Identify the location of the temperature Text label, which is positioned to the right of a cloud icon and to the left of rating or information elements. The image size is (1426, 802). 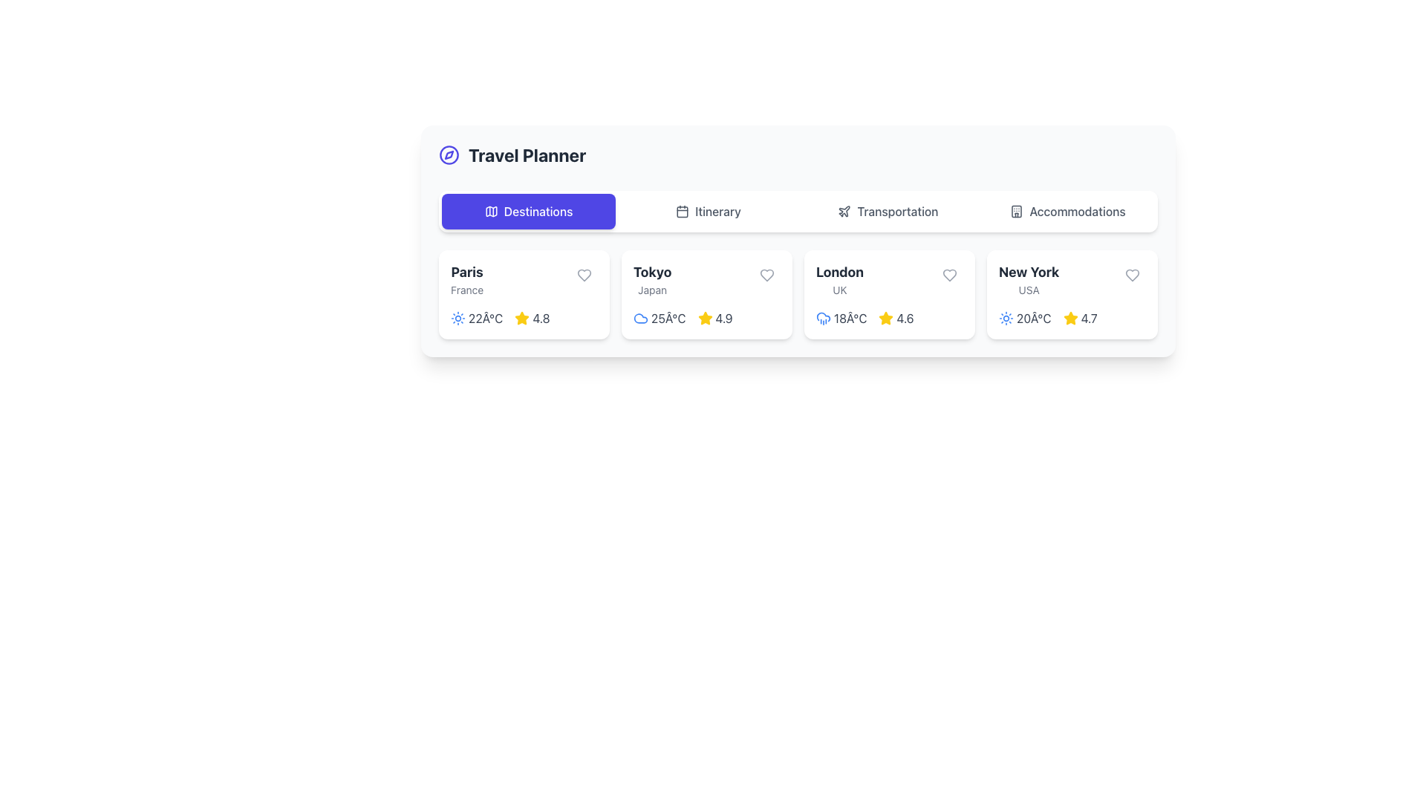
(668, 317).